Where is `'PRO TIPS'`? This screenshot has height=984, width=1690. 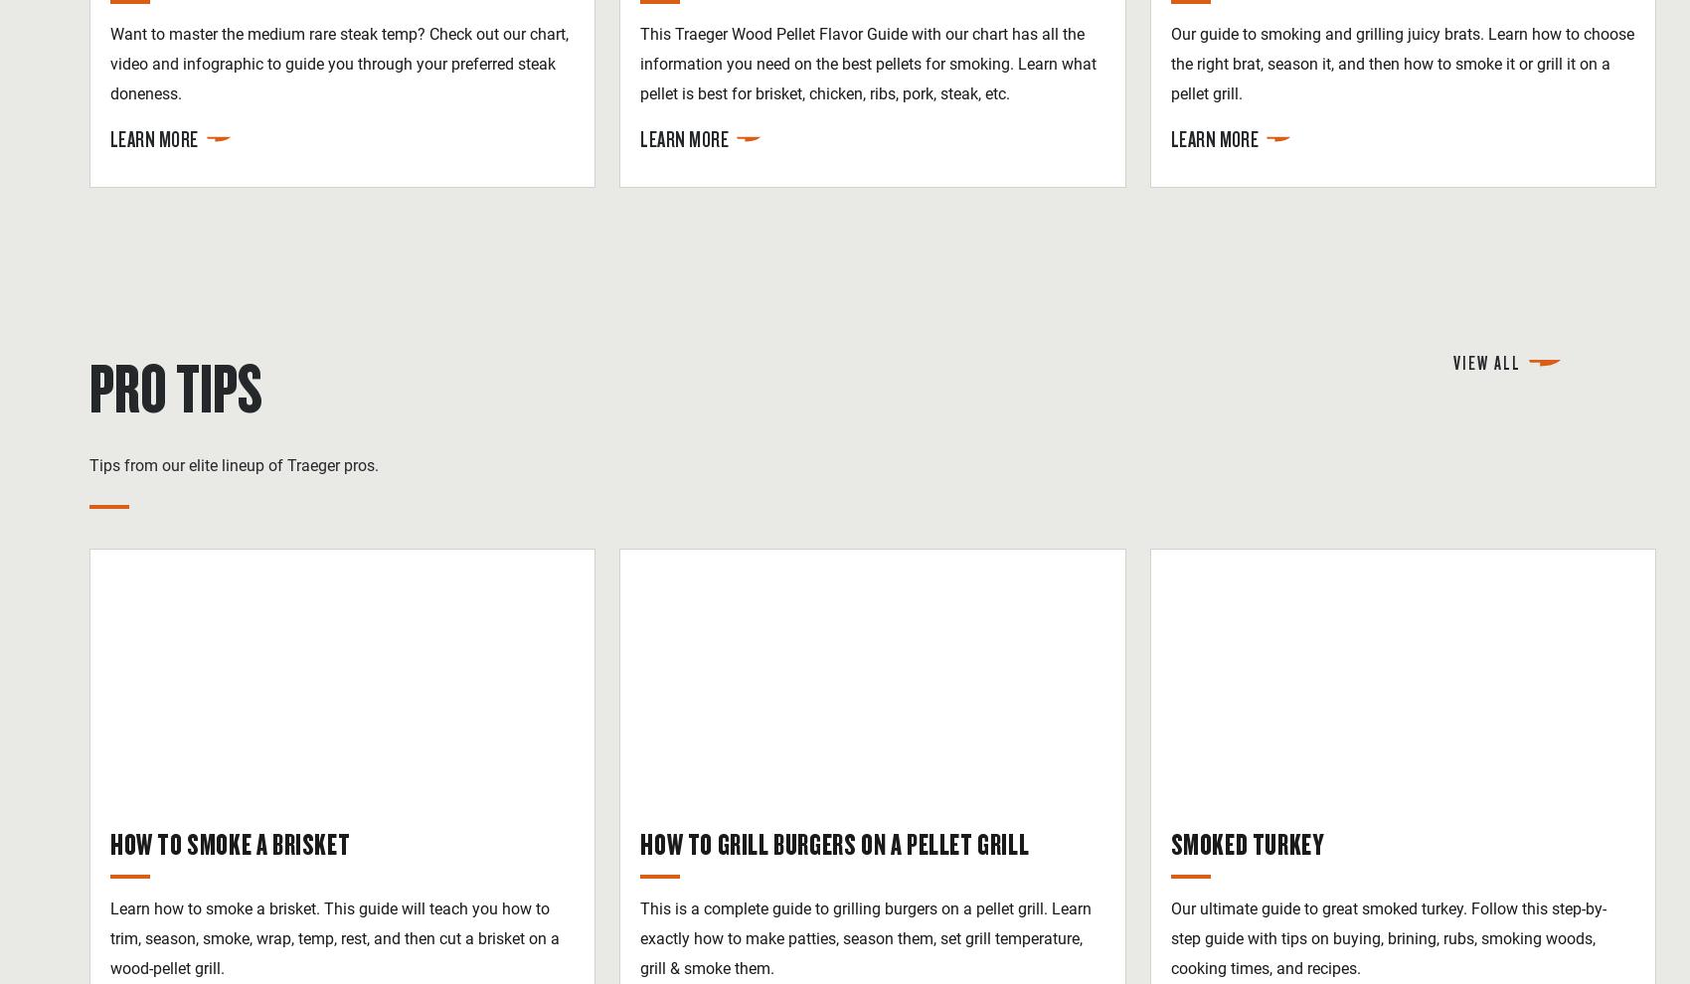 'PRO TIPS' is located at coordinates (88, 386).